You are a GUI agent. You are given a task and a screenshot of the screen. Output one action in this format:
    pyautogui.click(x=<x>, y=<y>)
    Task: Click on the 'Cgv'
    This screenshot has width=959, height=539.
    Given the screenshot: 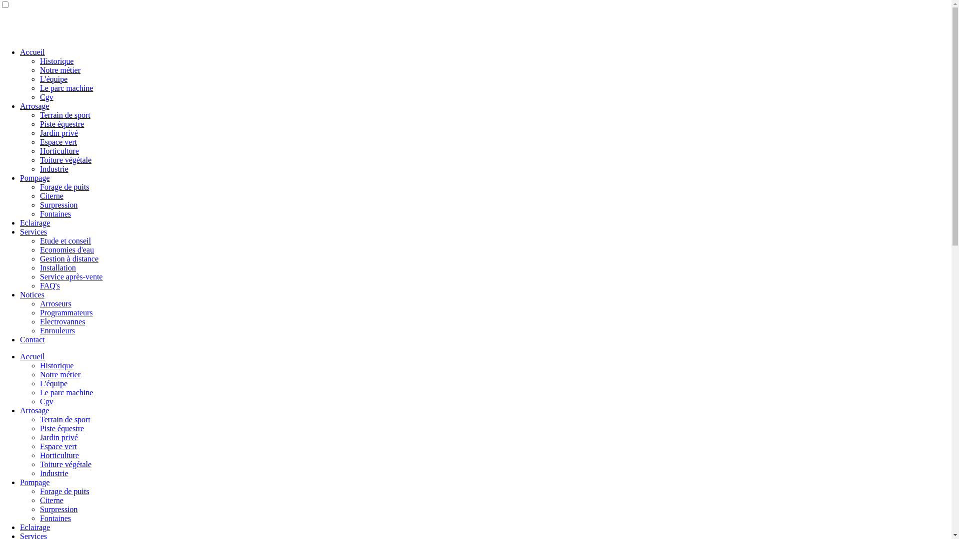 What is the action you would take?
    pyautogui.click(x=46, y=97)
    